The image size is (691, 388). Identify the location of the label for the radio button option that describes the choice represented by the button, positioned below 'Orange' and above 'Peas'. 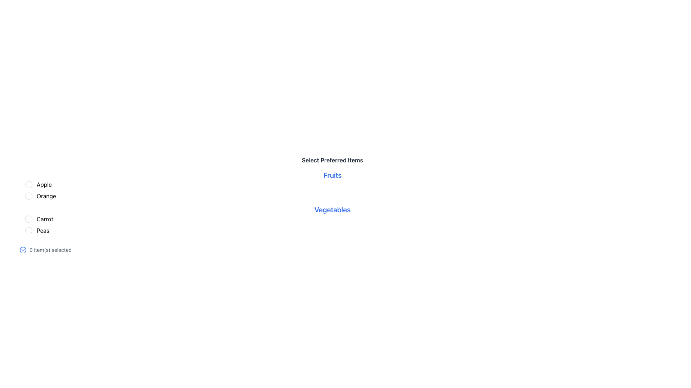
(44, 218).